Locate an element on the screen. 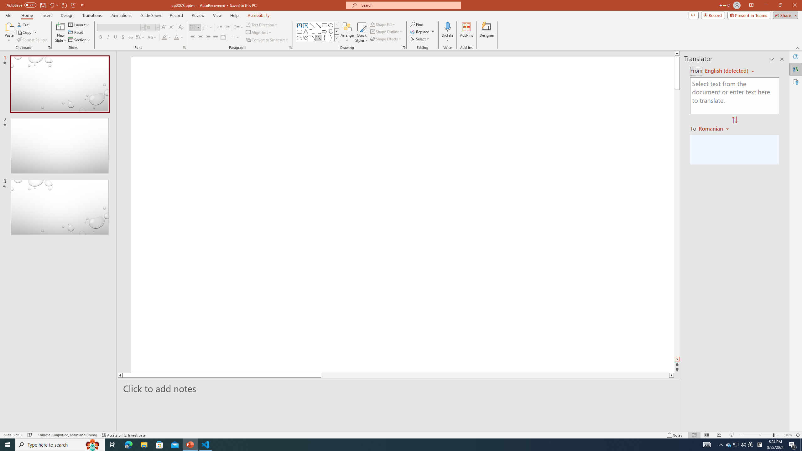 This screenshot has width=802, height=451. 'Replace...' is located at coordinates (423, 31).